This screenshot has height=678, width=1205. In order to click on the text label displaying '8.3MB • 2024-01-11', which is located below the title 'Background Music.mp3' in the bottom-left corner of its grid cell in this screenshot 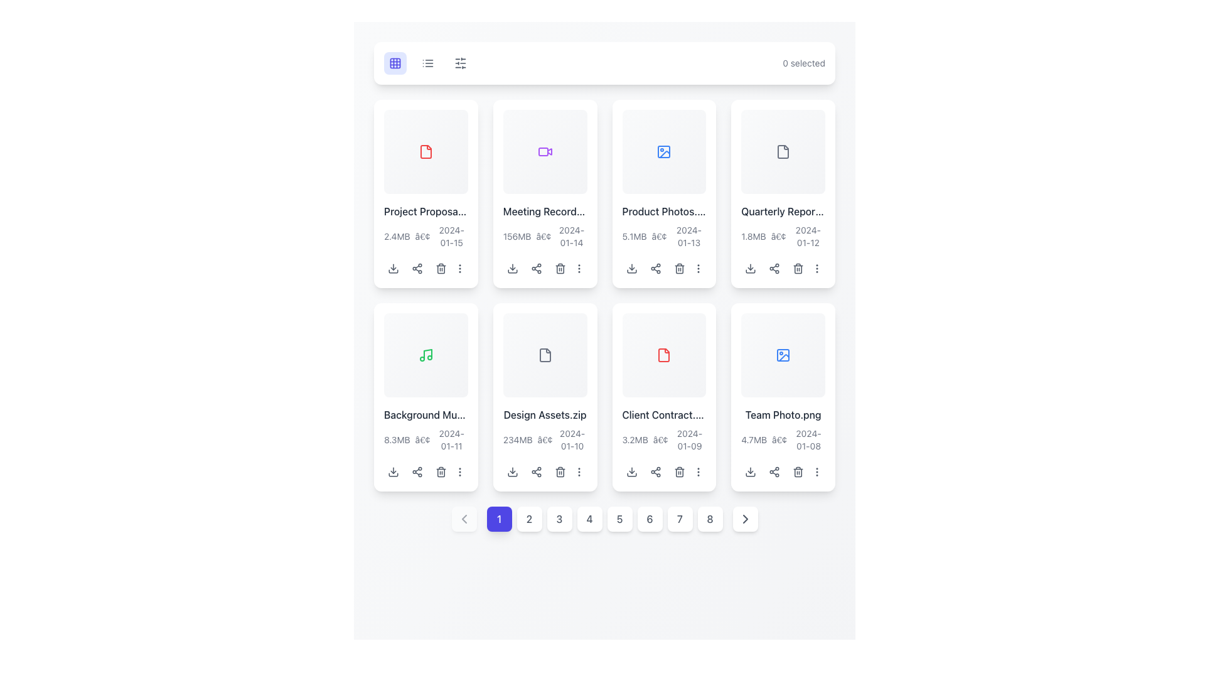, I will do `click(426, 439)`.